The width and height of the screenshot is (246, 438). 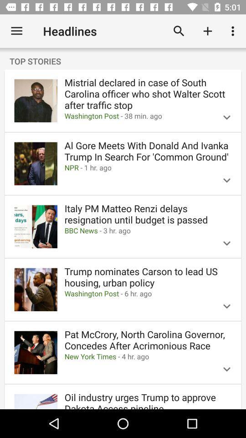 I want to click on the expand_more icon, so click(x=226, y=243).